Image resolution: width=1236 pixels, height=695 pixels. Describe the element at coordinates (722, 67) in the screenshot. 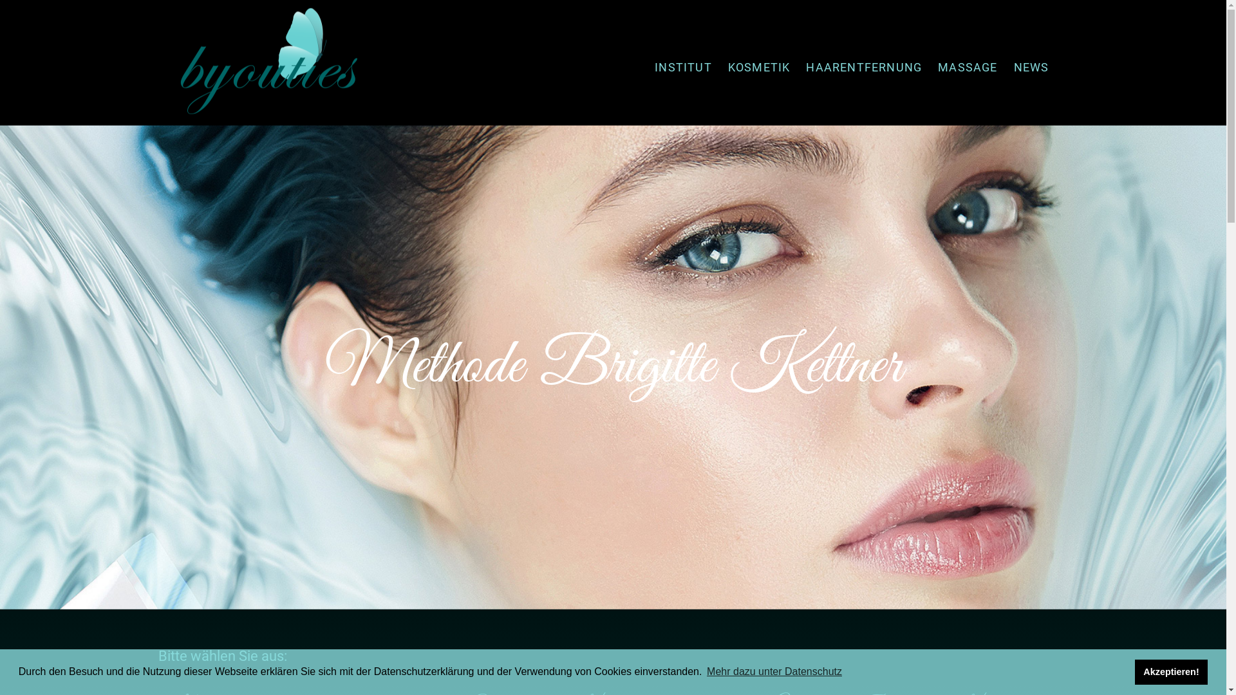

I see `'KOSMETIK'` at that location.